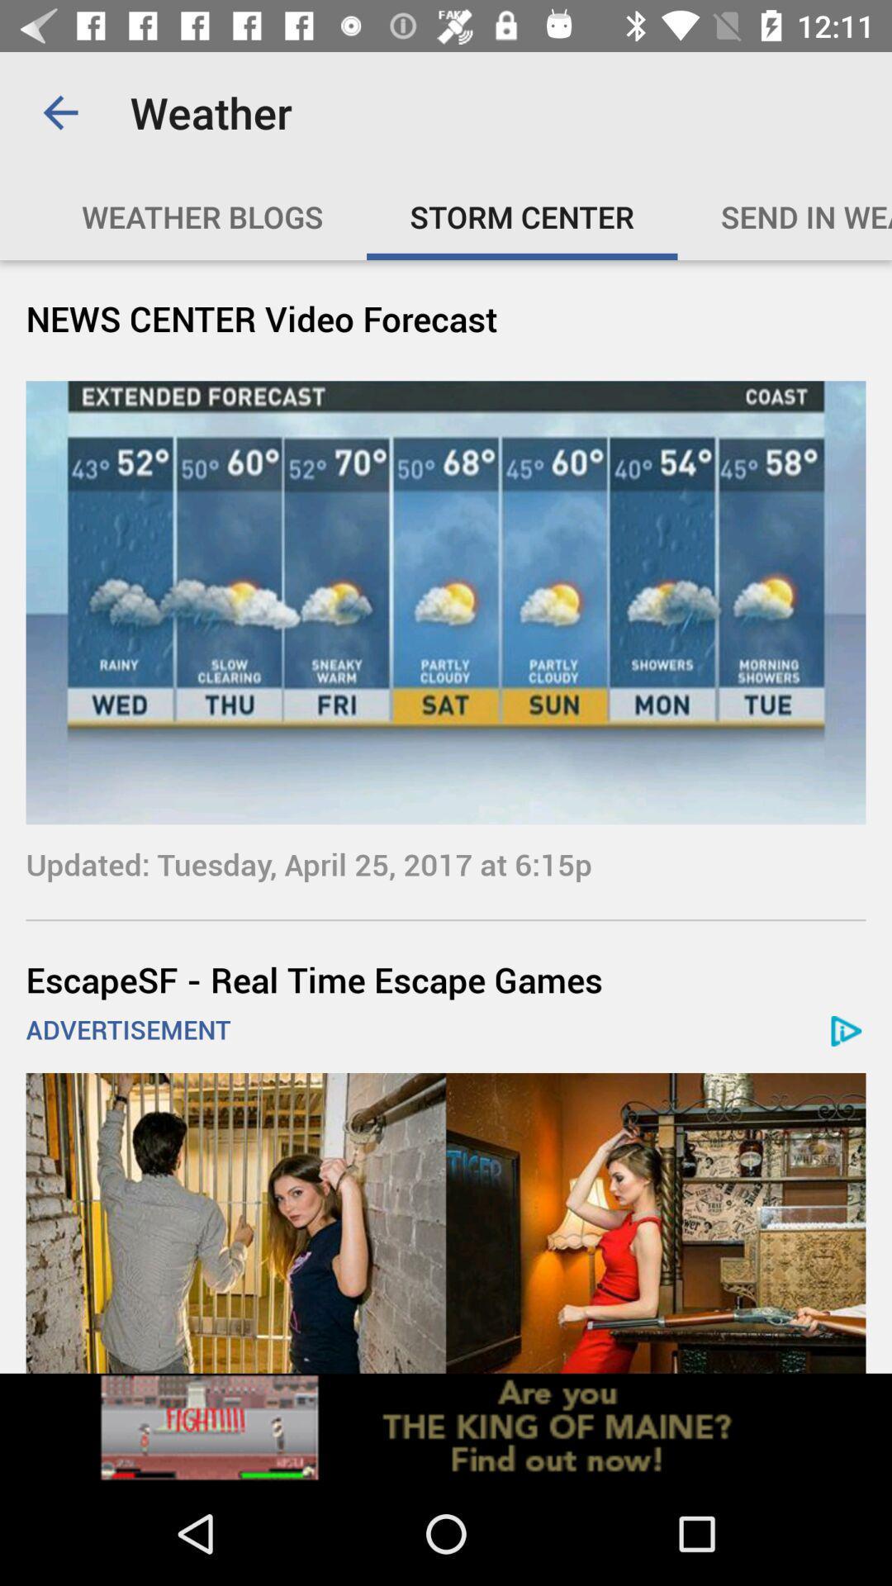 This screenshot has width=892, height=1586. What do you see at coordinates (446, 1427) in the screenshot?
I see `advertisement` at bounding box center [446, 1427].